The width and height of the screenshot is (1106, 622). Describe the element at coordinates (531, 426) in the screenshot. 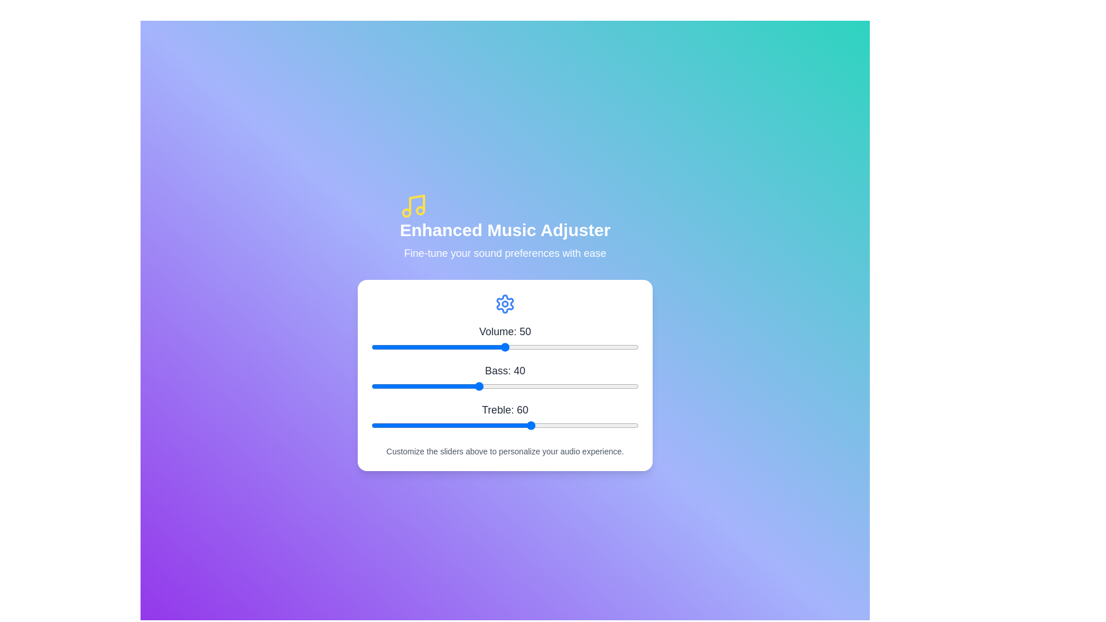

I see `the treble slider to 60` at that location.